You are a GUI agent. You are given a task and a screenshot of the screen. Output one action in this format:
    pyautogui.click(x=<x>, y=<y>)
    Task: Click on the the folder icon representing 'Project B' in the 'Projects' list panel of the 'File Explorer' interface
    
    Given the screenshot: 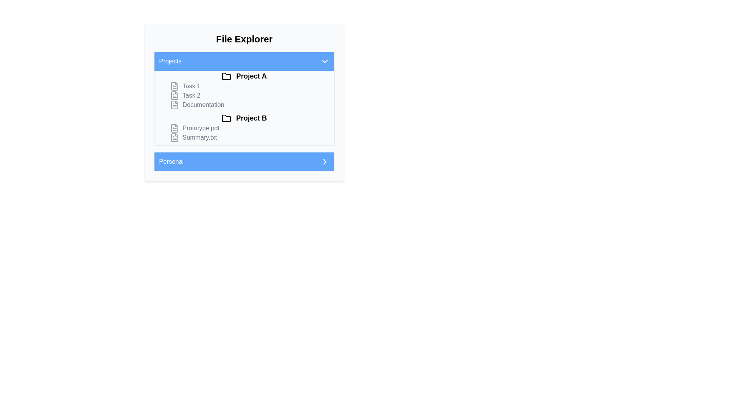 What is the action you would take?
    pyautogui.click(x=226, y=119)
    